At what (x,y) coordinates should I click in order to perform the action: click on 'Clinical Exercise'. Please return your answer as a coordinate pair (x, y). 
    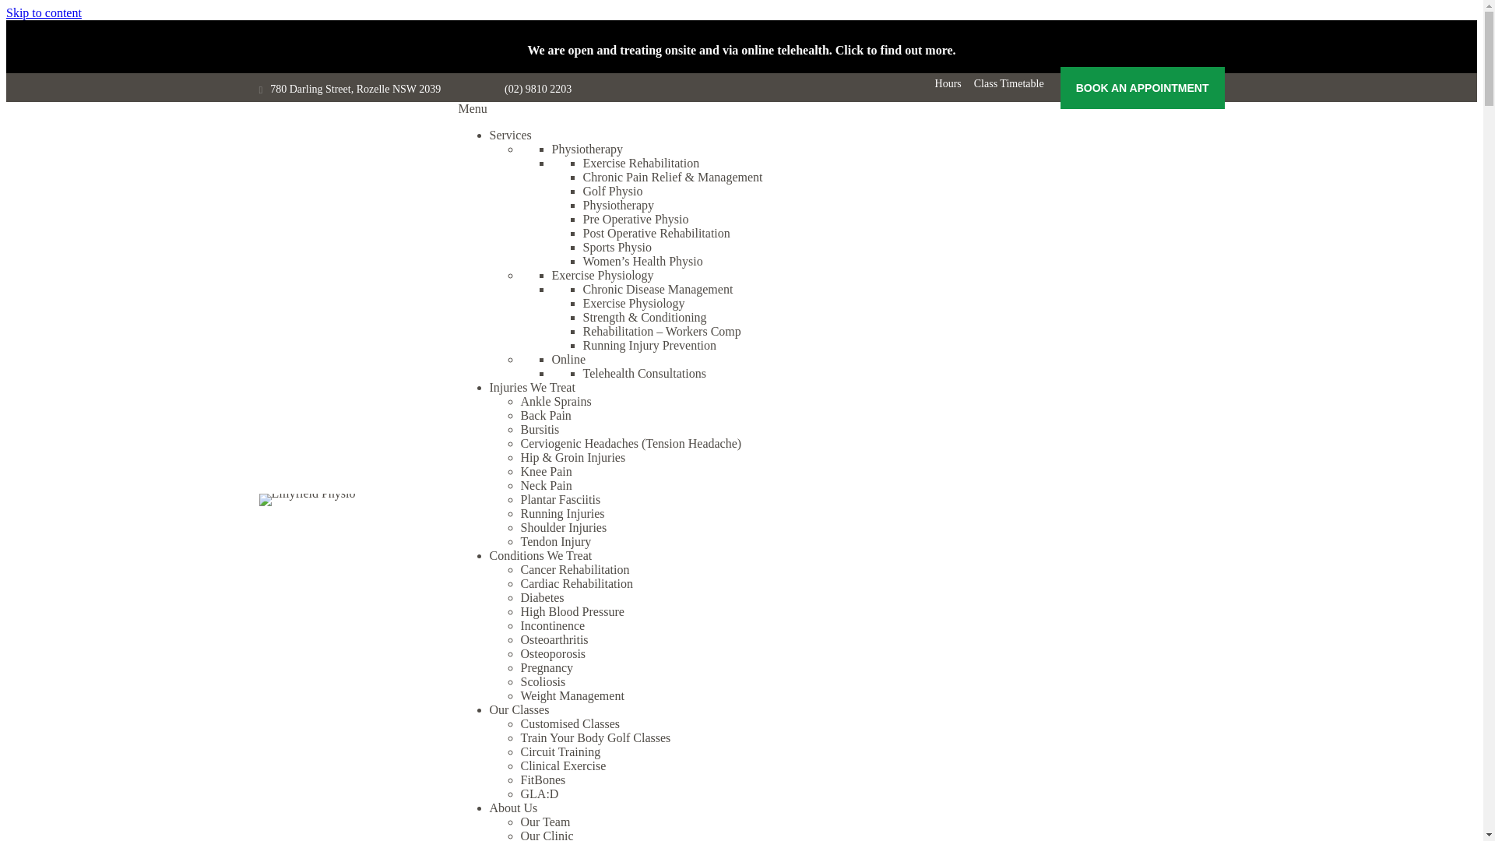
    Looking at the image, I should click on (562, 765).